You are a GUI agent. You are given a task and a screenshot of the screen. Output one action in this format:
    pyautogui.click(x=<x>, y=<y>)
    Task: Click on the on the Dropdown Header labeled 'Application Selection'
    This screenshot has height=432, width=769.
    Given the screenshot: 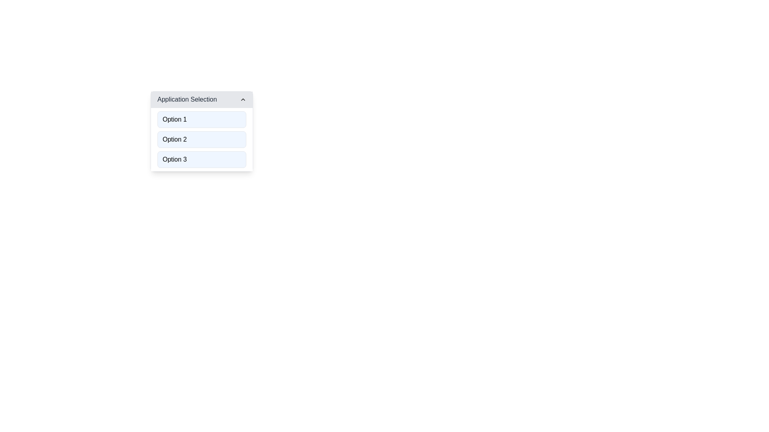 What is the action you would take?
    pyautogui.click(x=202, y=99)
    